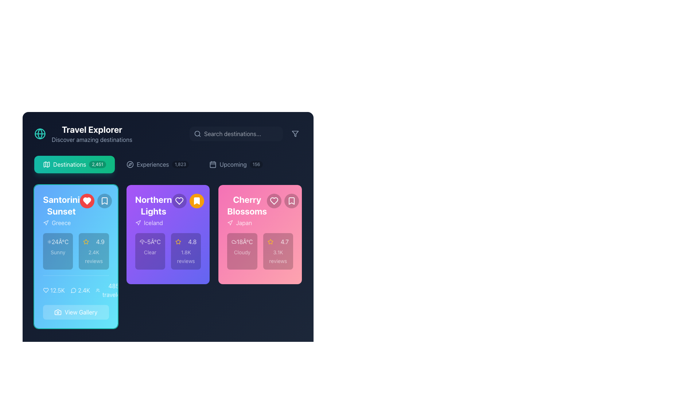 The height and width of the screenshot is (394, 700). What do you see at coordinates (186, 251) in the screenshot?
I see `the Rating summary element for the 'Northern Lights' card, located in the bottom section of the card, to the lower right of the weather and condition information` at bounding box center [186, 251].